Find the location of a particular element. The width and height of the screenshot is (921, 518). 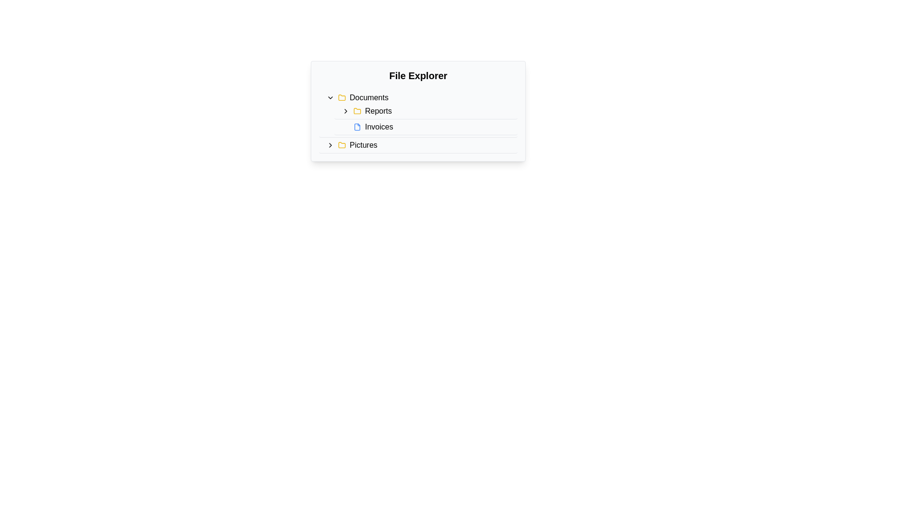

the 'Invoices' navigation item in the file explorer is located at coordinates (425, 127).